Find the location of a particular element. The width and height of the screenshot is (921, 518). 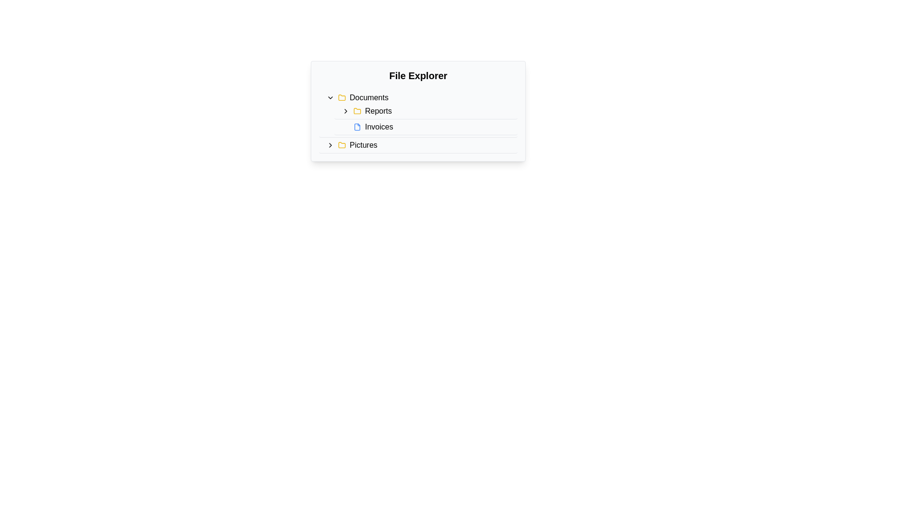

the 'Invoices' navigation item in the file explorer is located at coordinates (425, 127).